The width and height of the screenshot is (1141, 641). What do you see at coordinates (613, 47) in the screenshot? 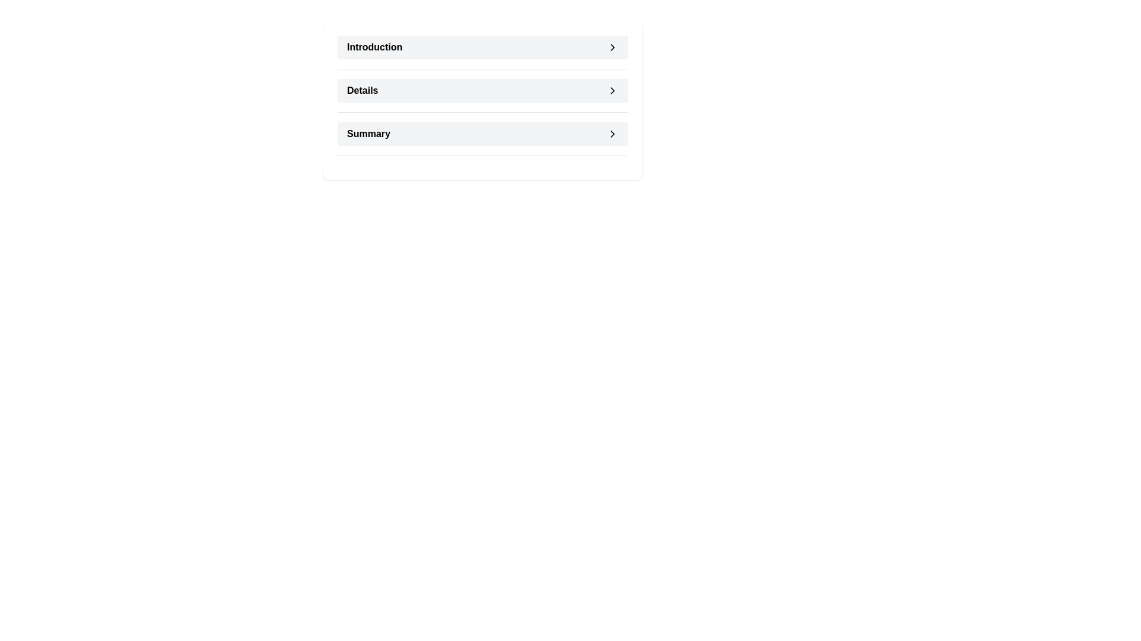
I see `the Arrow icon located at the far right edge of the 'Introduction' list item, which serves as an indicator for navigation or submenu access` at bounding box center [613, 47].